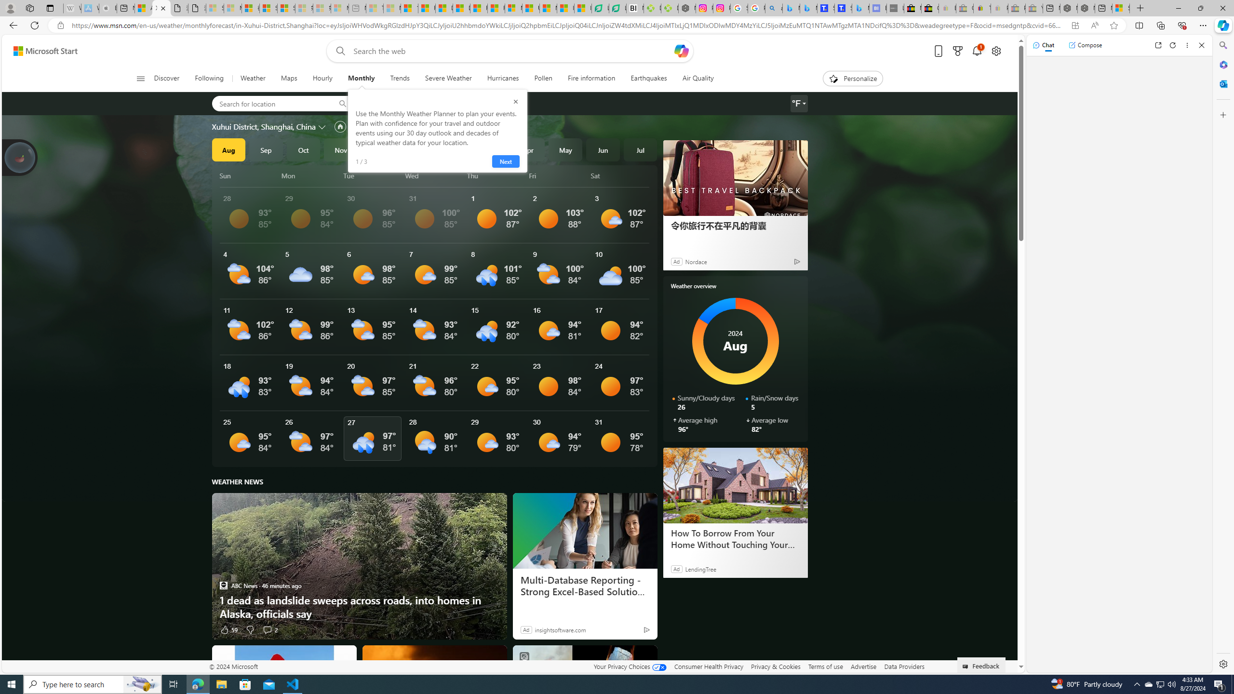 The width and height of the screenshot is (1234, 694). What do you see at coordinates (267, 629) in the screenshot?
I see `'View comments 2 Comment'` at bounding box center [267, 629].